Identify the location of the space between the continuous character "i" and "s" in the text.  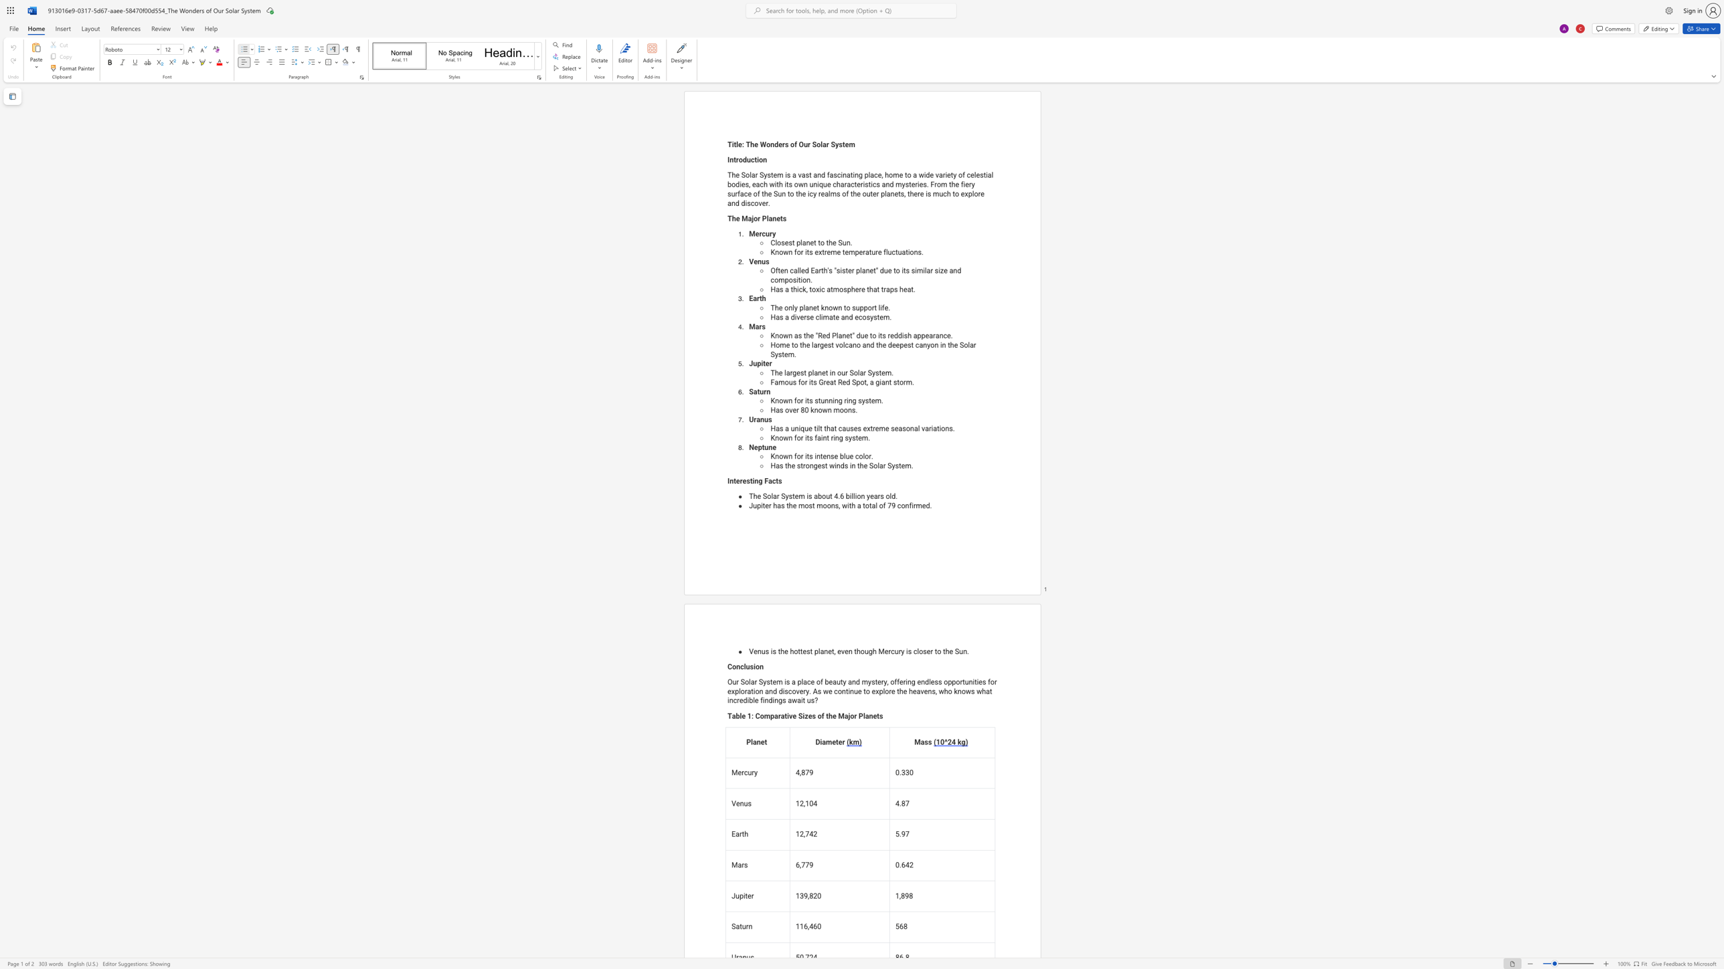
(903, 335).